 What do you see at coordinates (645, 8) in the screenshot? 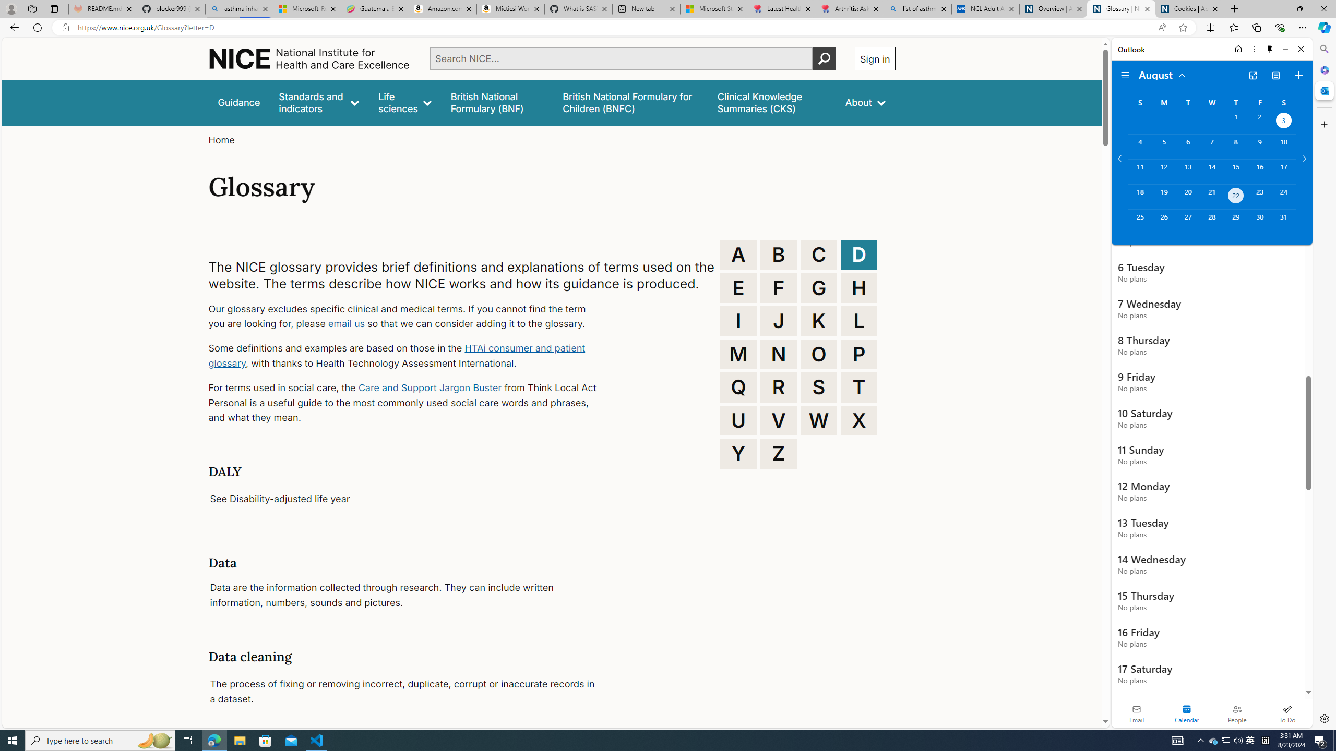
I see `'New tab'` at bounding box center [645, 8].